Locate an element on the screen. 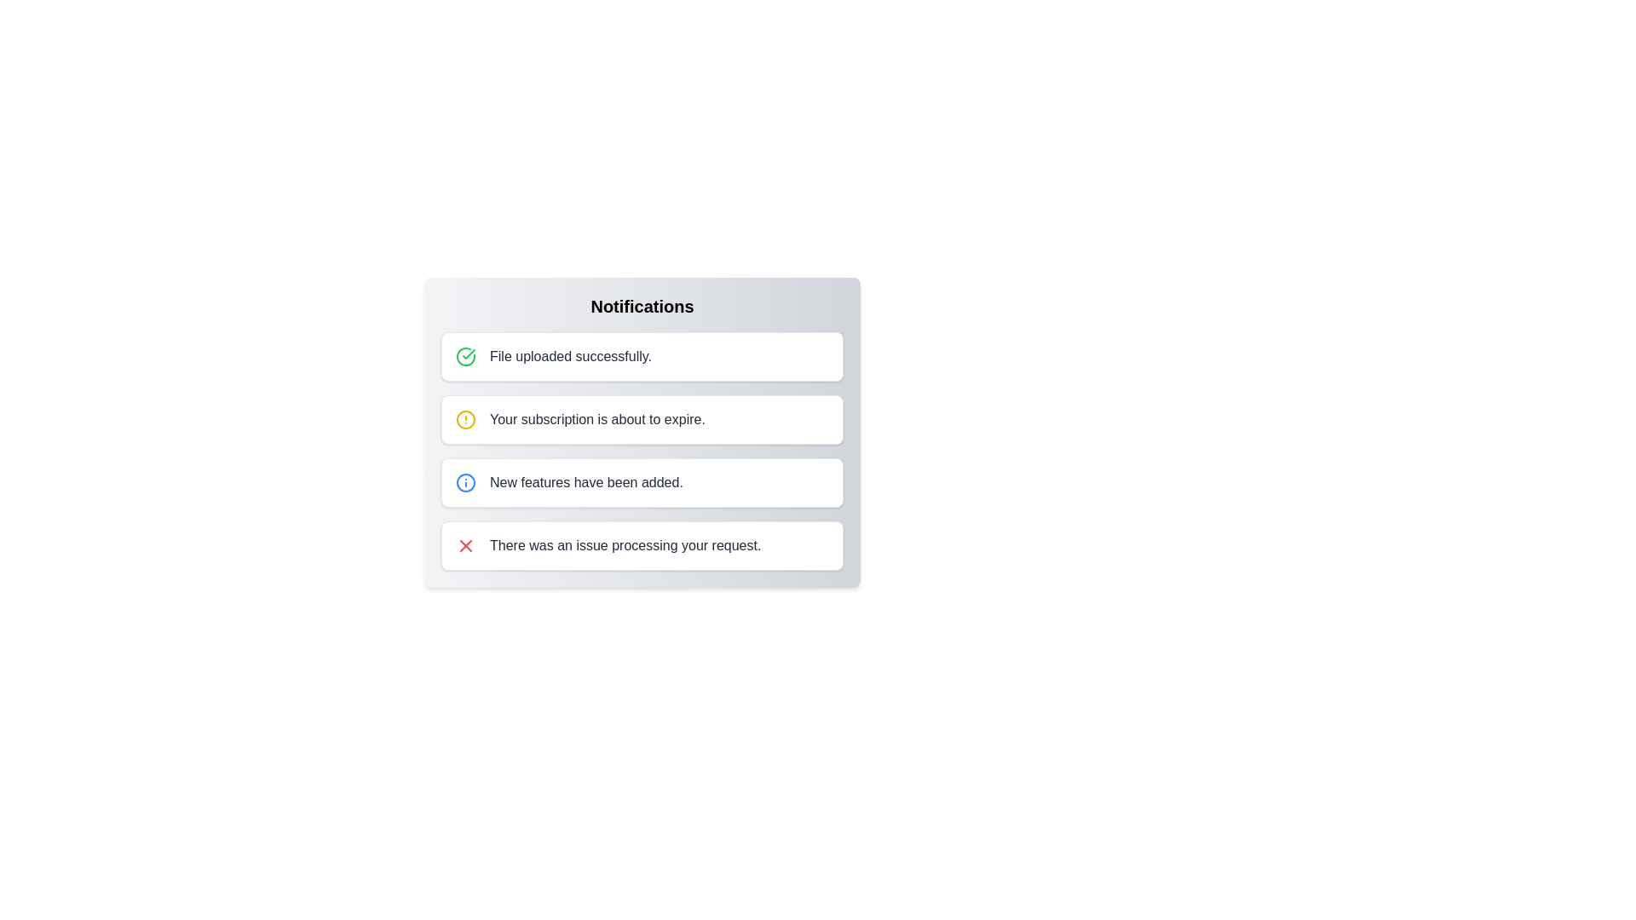 The height and width of the screenshot is (920, 1636). the text label that reads 'Your subscription is about to expire.', which is located in the second row of notifications and has a yellow alert icon to its left is located at coordinates (597, 420).